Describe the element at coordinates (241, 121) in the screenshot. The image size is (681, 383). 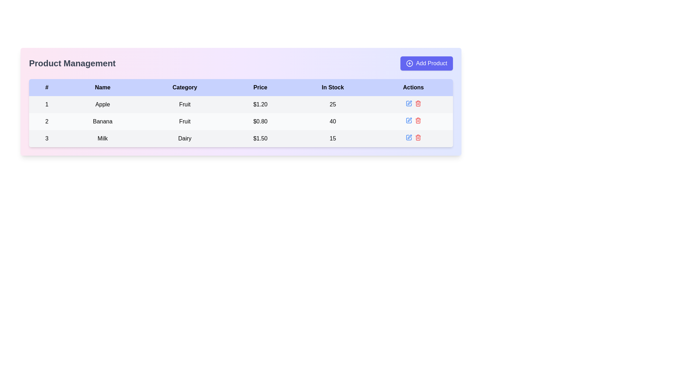
I see `the second row of the table displaying product information labeled '2', which includes the product name 'Banana', category 'Fruit', price '$0.80', and stock quantity '40'` at that location.